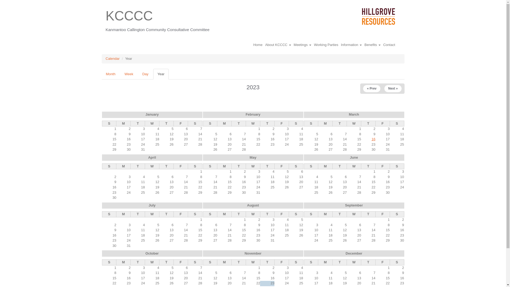 This screenshot has width=510, height=287. I want to click on 'September', so click(345, 205).